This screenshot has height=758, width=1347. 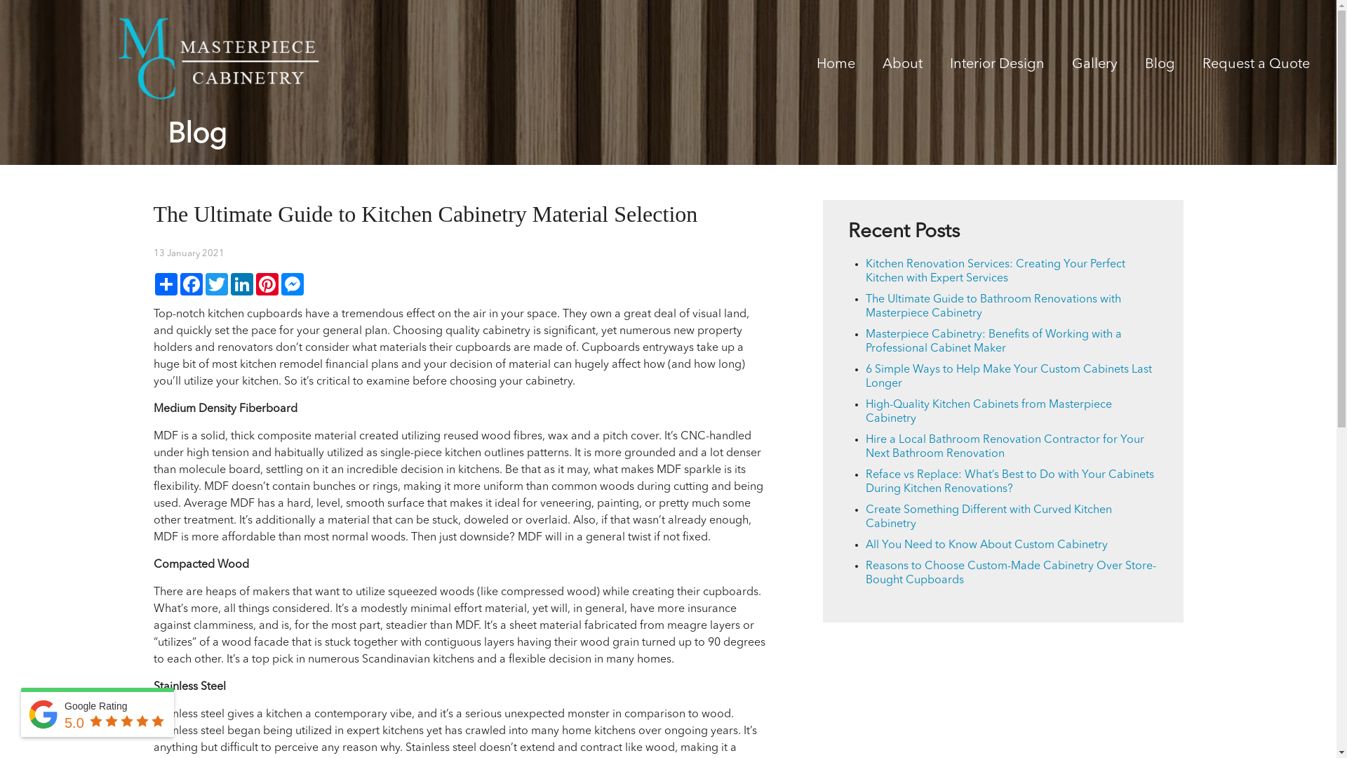 I want to click on 'LinkedIn', so click(x=229, y=284).